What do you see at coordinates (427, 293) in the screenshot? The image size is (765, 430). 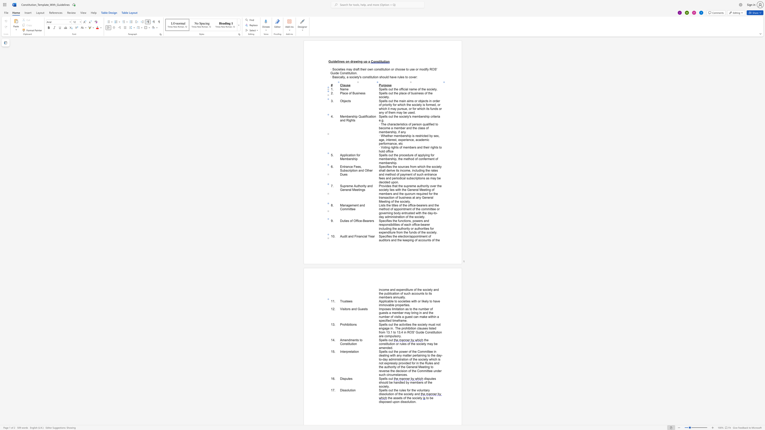 I see `the 7th character "o" in the text` at bounding box center [427, 293].